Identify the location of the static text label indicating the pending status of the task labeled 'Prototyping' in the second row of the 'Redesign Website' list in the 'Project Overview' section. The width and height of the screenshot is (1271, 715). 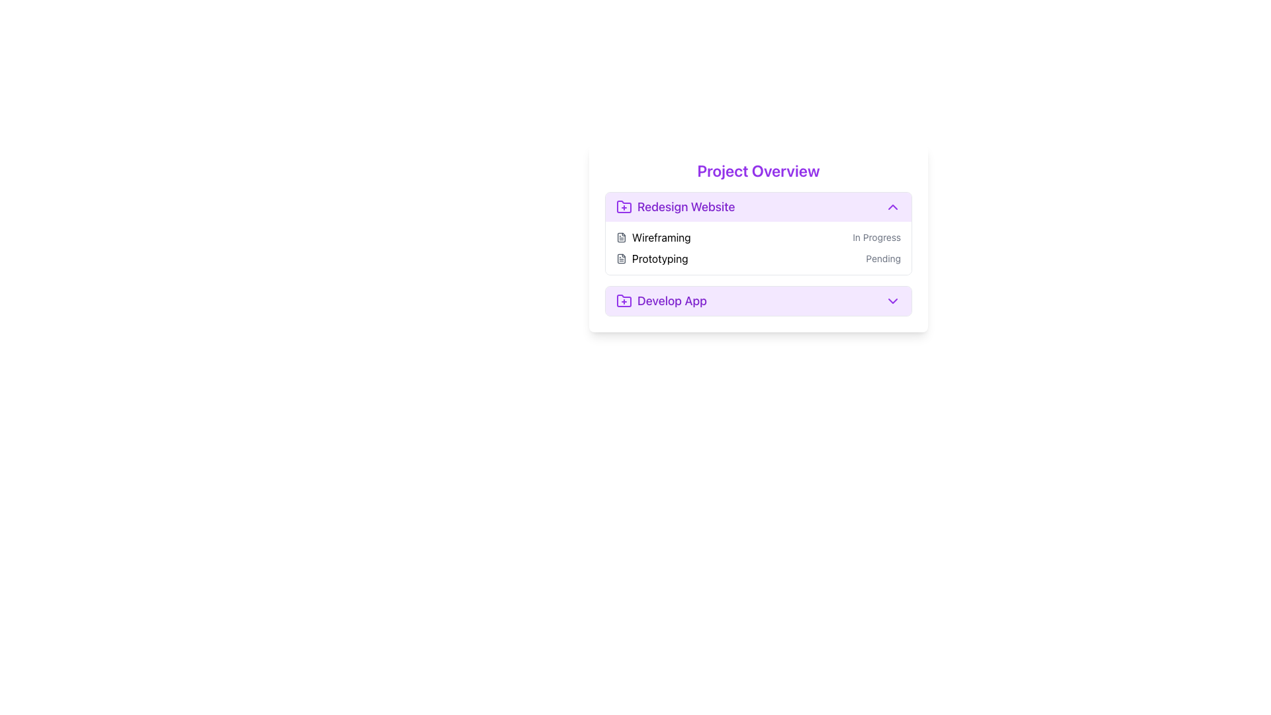
(883, 258).